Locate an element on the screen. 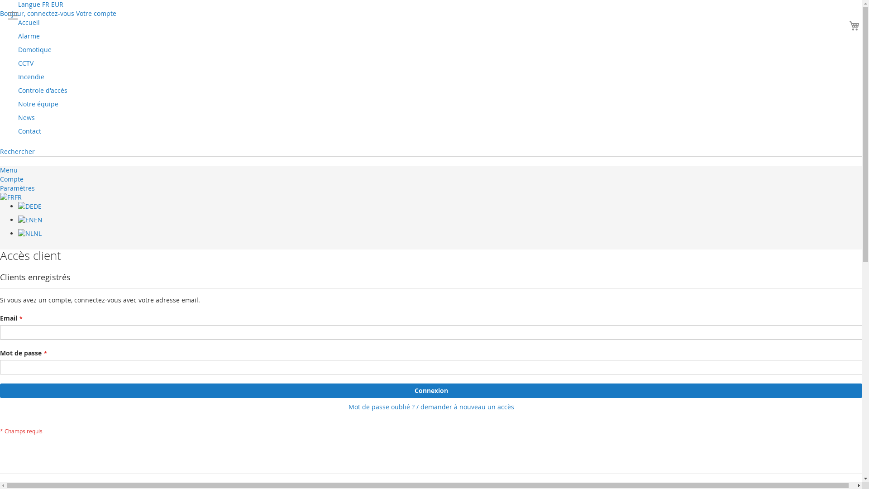 The image size is (869, 489). 'FR' is located at coordinates (11, 197).